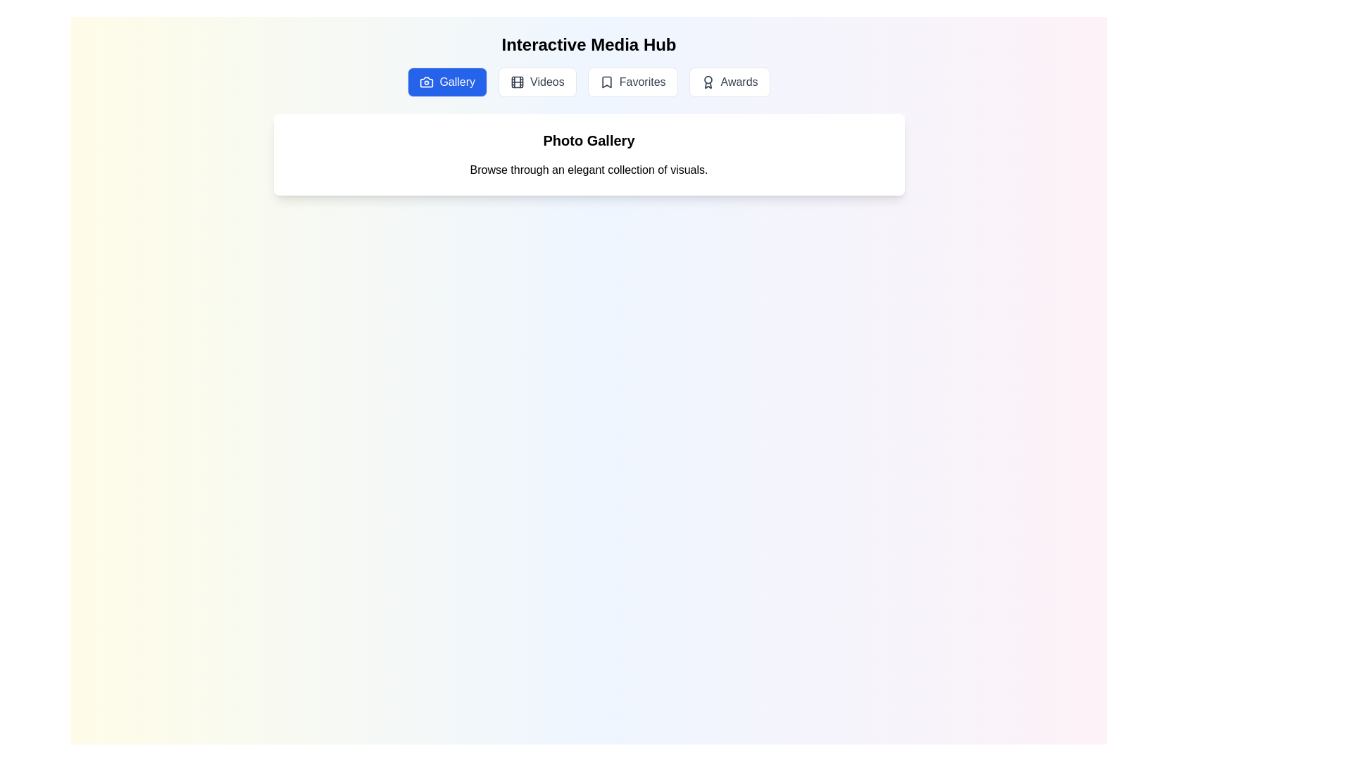  What do you see at coordinates (537, 82) in the screenshot?
I see `the second button in the horizontally arranged navigation bar, located between the 'Gallery' button and the 'Favorites' button` at bounding box center [537, 82].